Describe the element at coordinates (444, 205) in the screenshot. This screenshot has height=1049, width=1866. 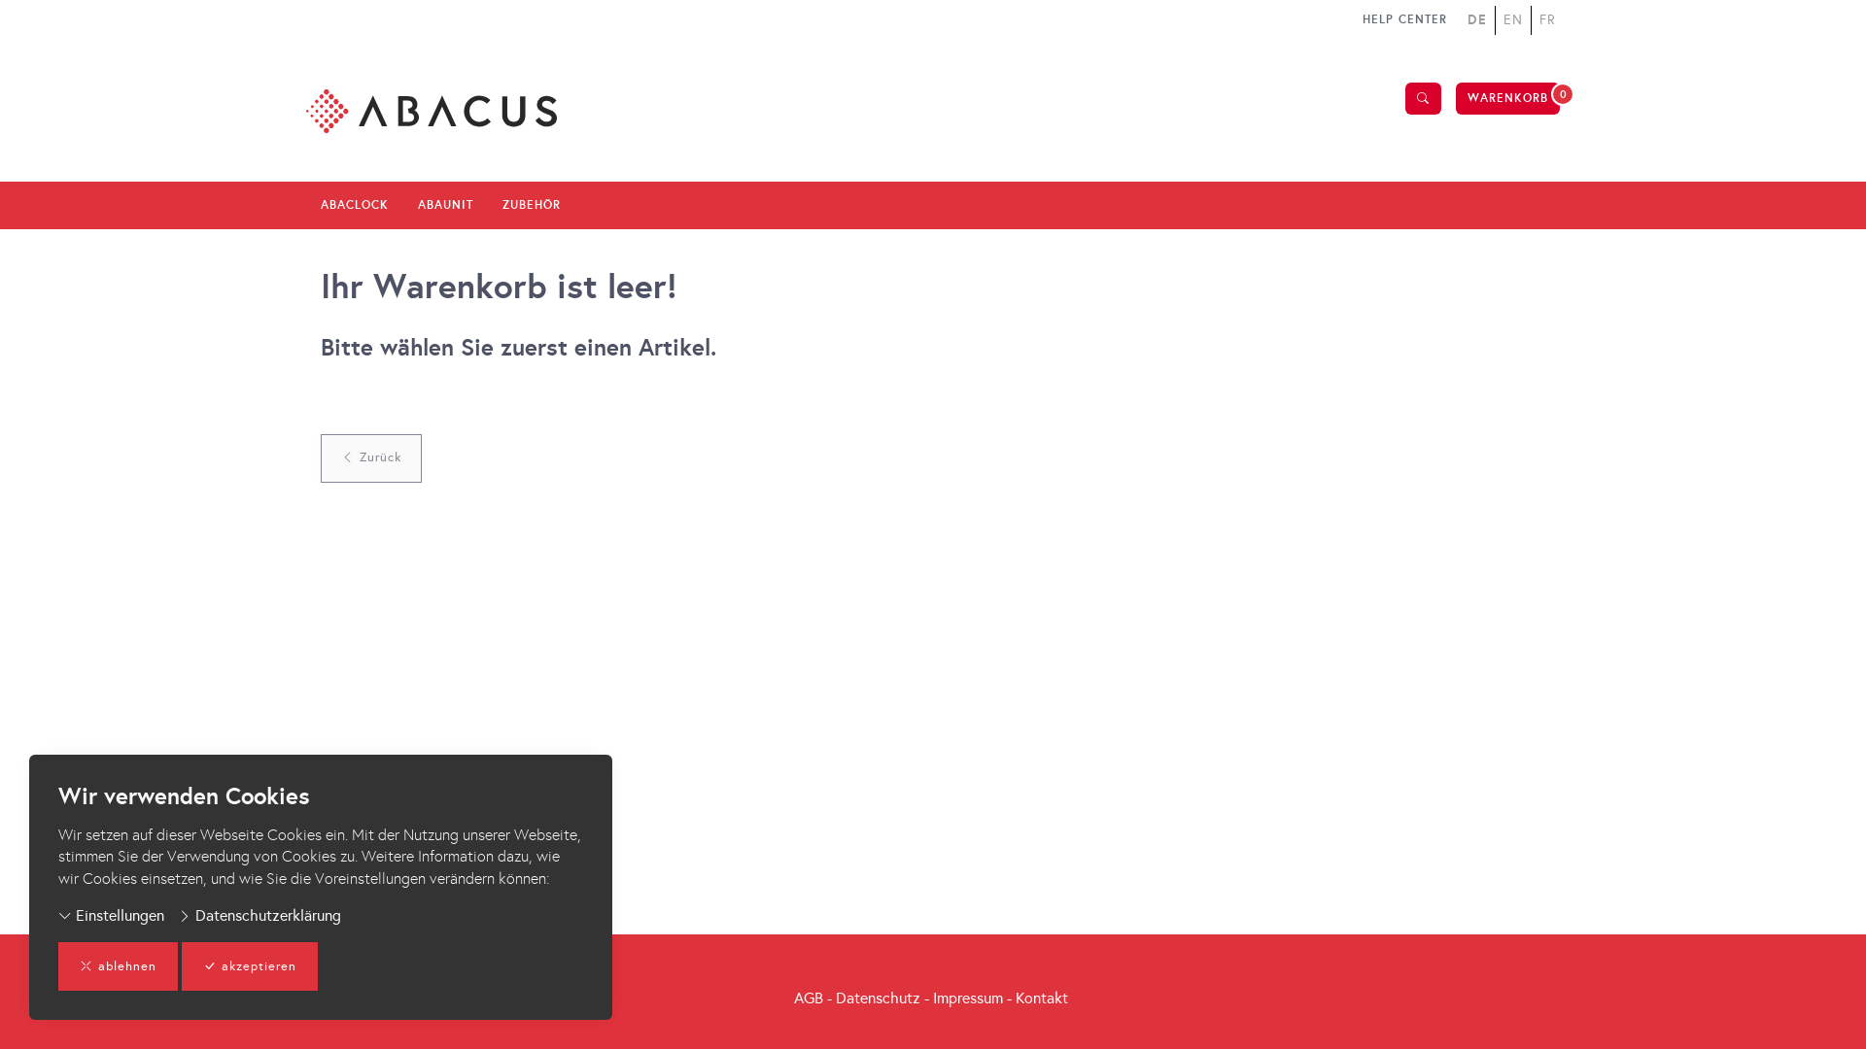
I see `'ABAUNIT'` at that location.